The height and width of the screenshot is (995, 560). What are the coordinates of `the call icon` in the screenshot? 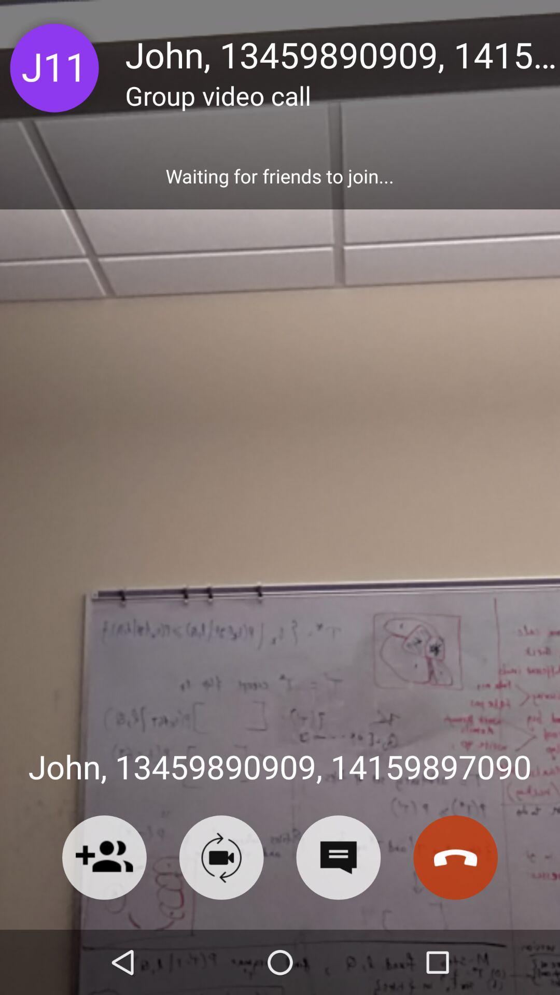 It's located at (455, 857).